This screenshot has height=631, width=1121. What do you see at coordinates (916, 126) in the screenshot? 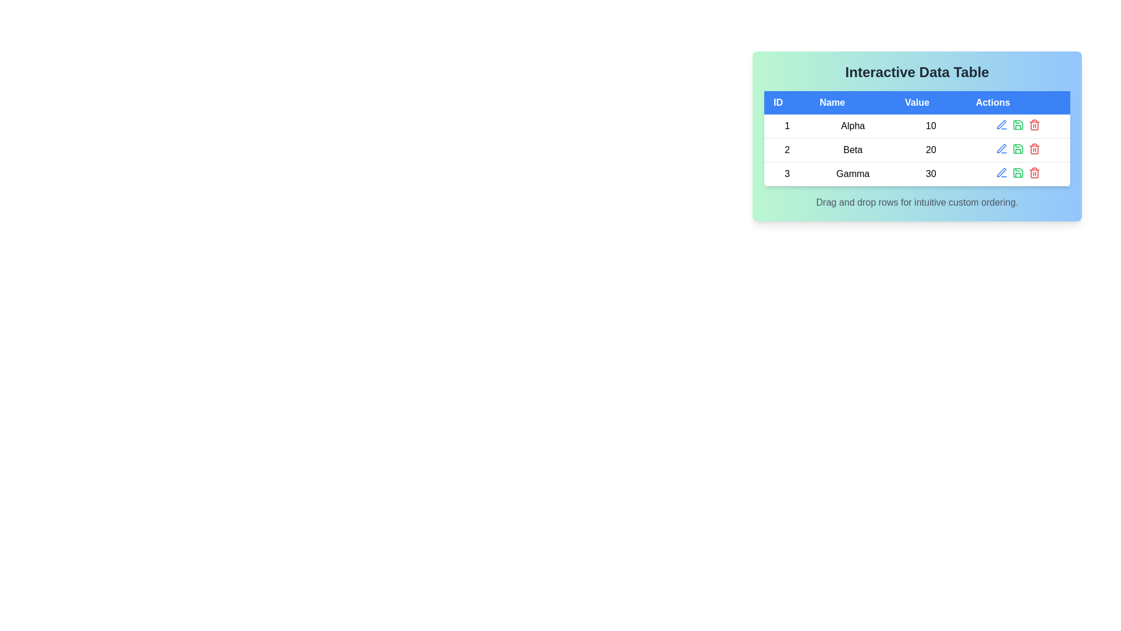
I see `the row corresponding to 1` at bounding box center [916, 126].